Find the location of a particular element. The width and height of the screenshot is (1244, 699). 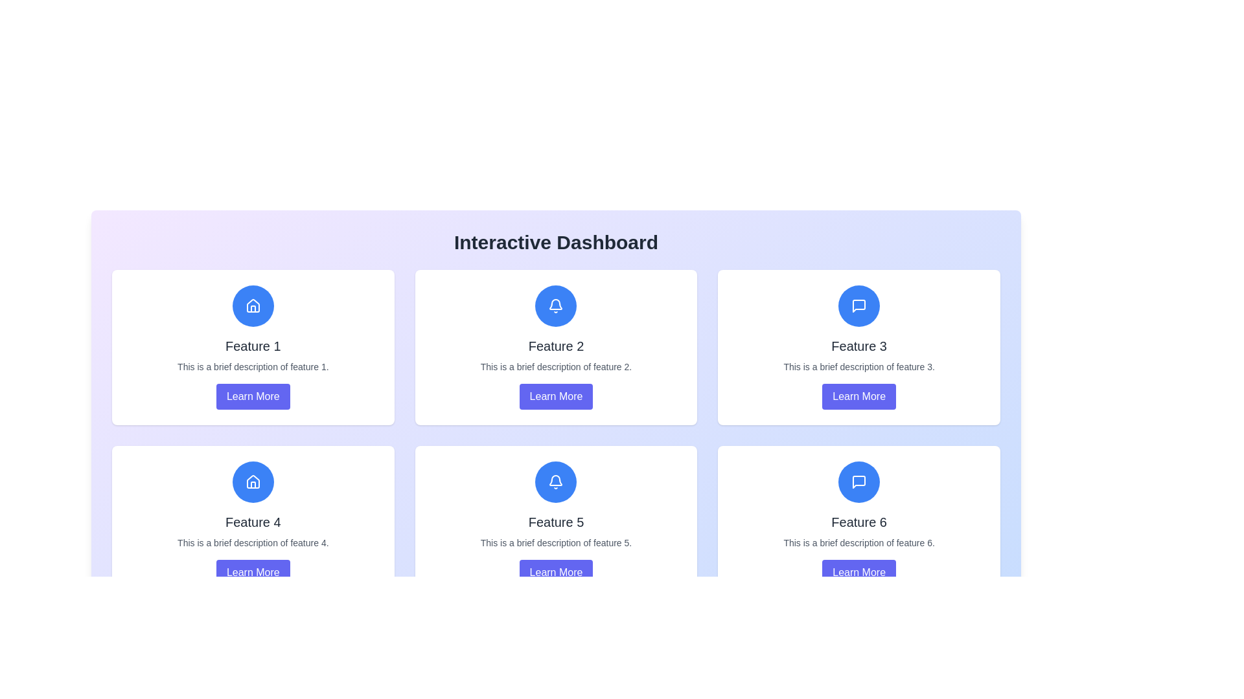

the 'Learn More' button for 'Feature 5' located in the lower section of the dashboard is located at coordinates (556, 571).